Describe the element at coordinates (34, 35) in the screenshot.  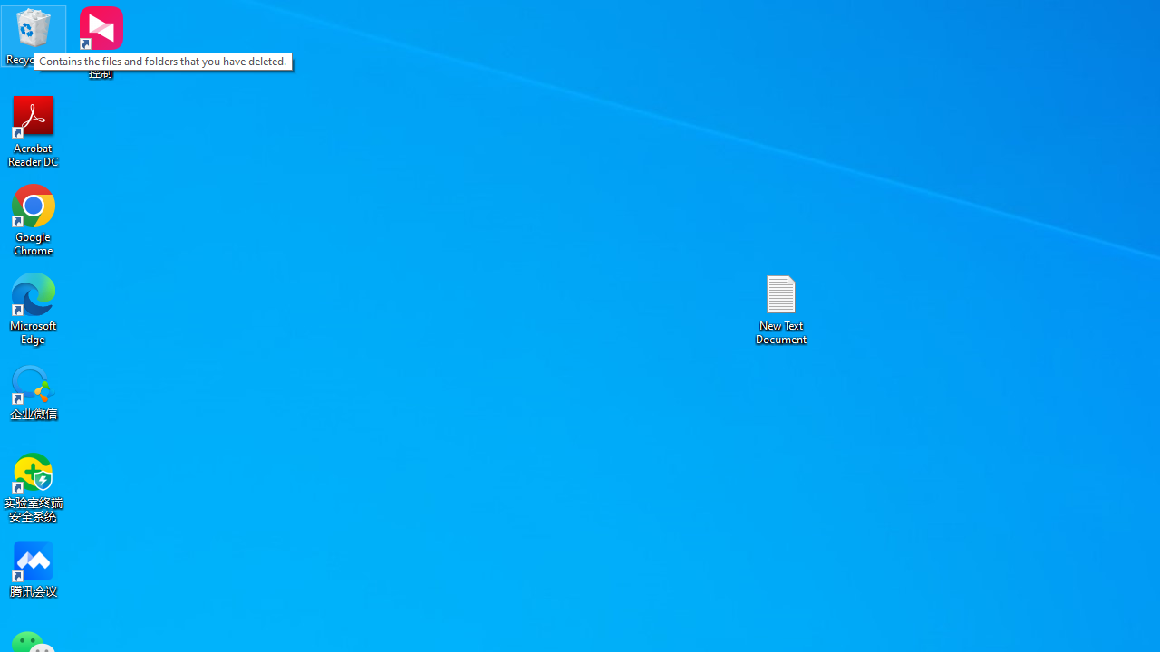
I see `'Recycle Bin'` at that location.